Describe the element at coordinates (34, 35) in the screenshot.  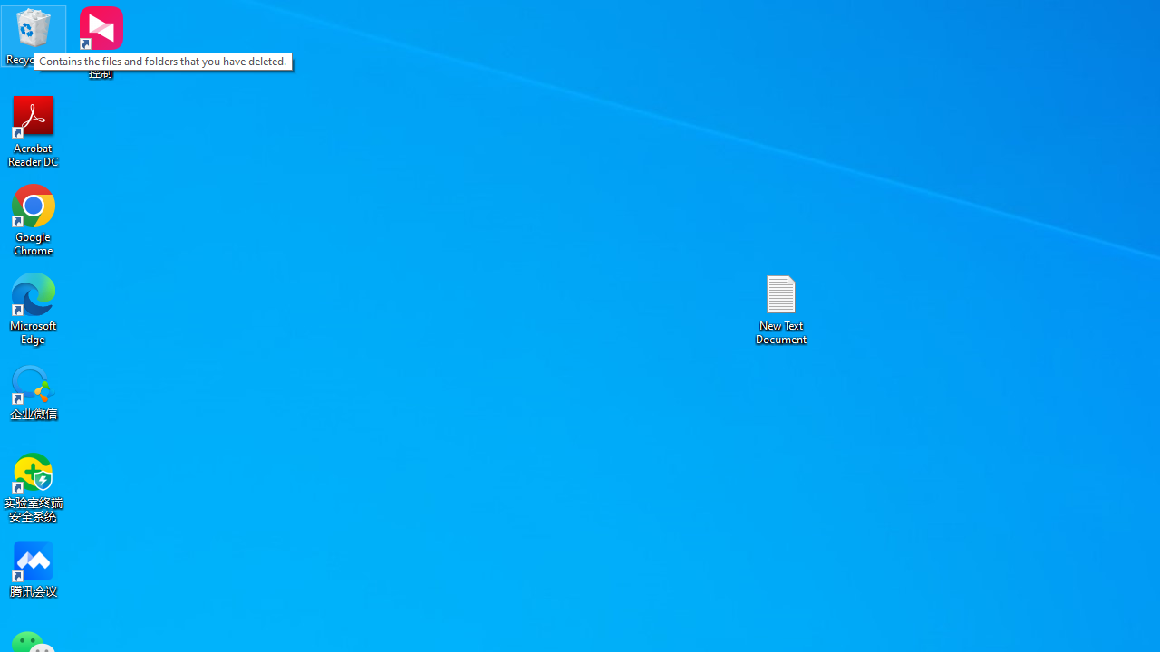
I see `'Recycle Bin'` at that location.